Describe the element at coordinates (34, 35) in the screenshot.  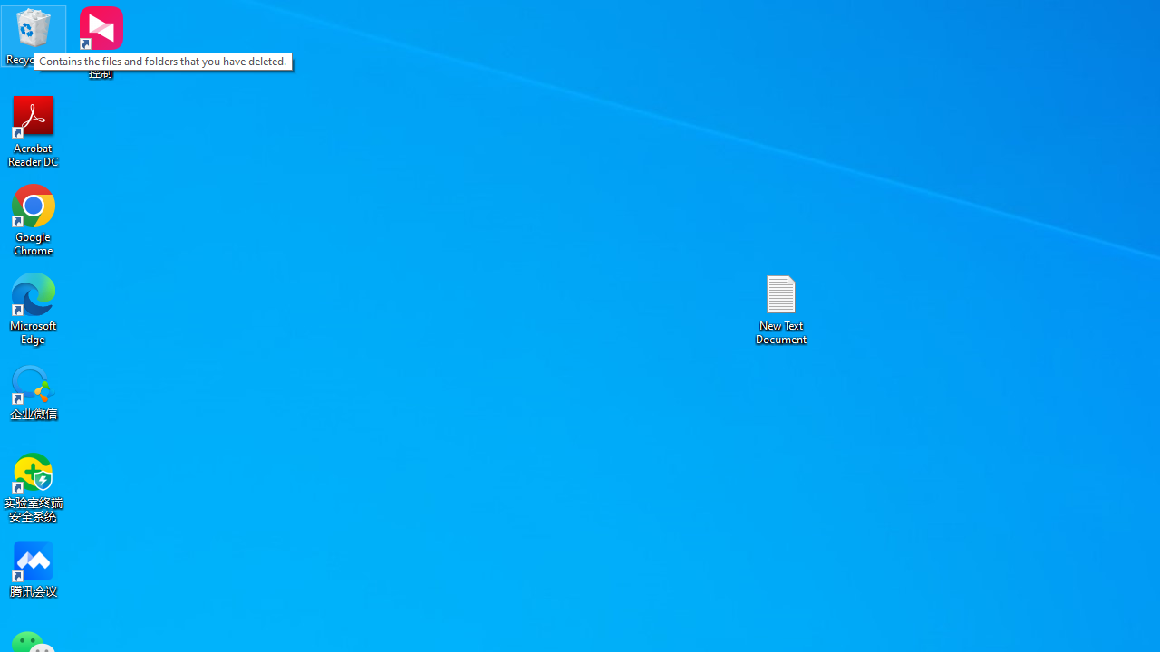
I see `'Recycle Bin'` at that location.